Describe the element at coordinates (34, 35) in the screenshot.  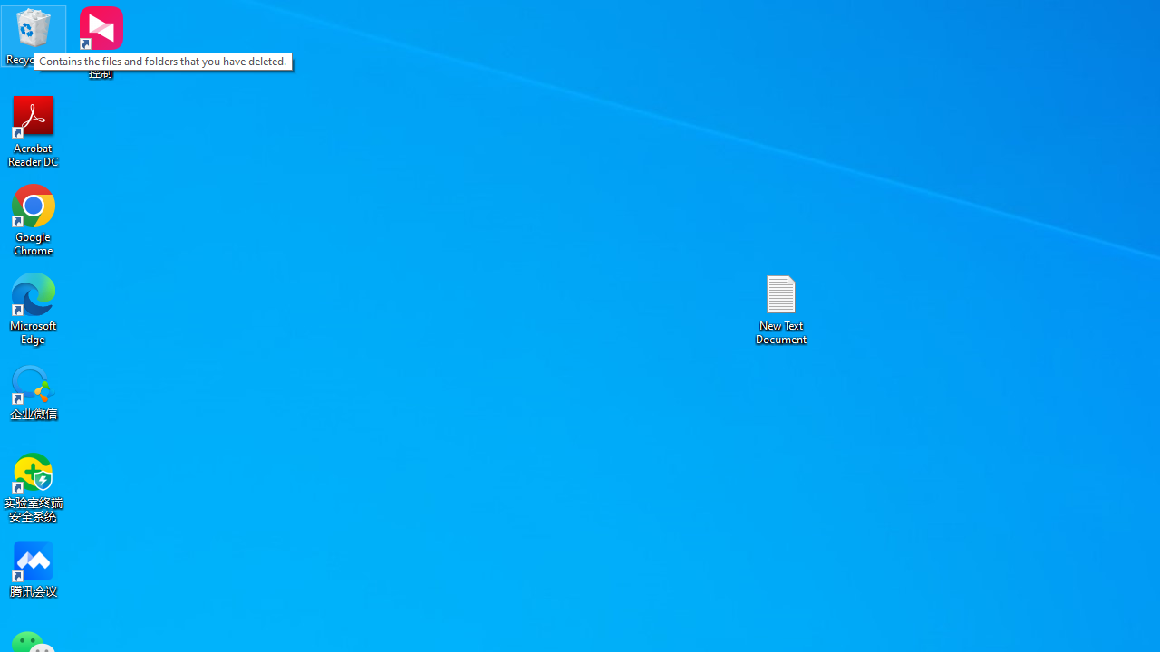
I see `'Recycle Bin'` at that location.